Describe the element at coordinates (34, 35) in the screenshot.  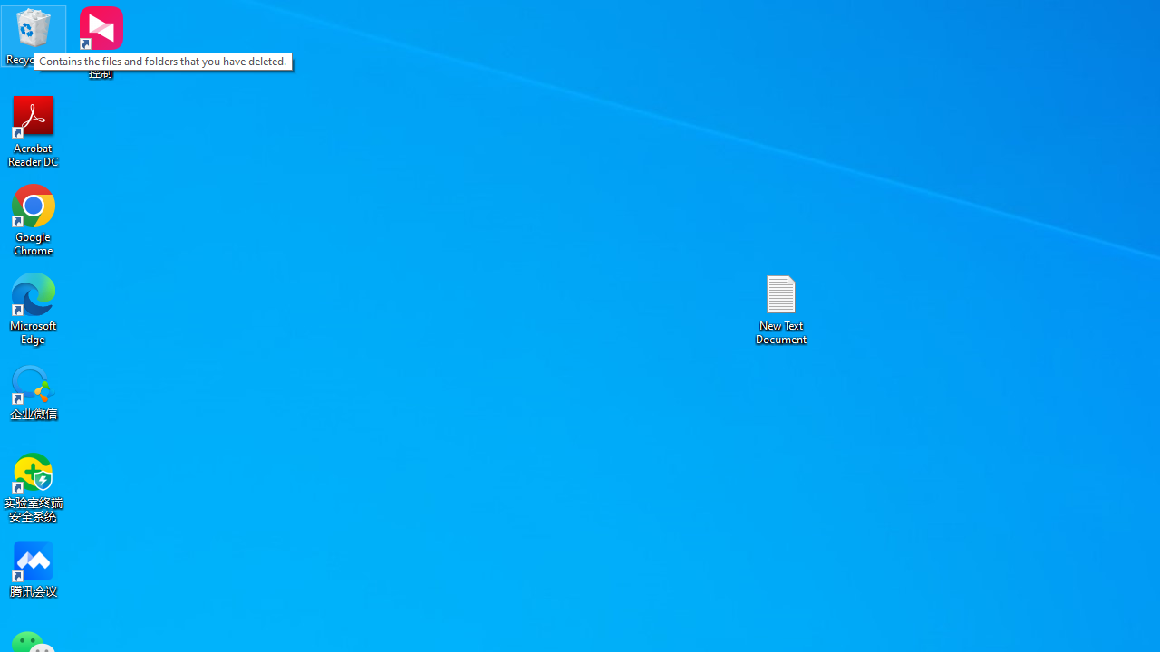
I see `'Recycle Bin'` at that location.